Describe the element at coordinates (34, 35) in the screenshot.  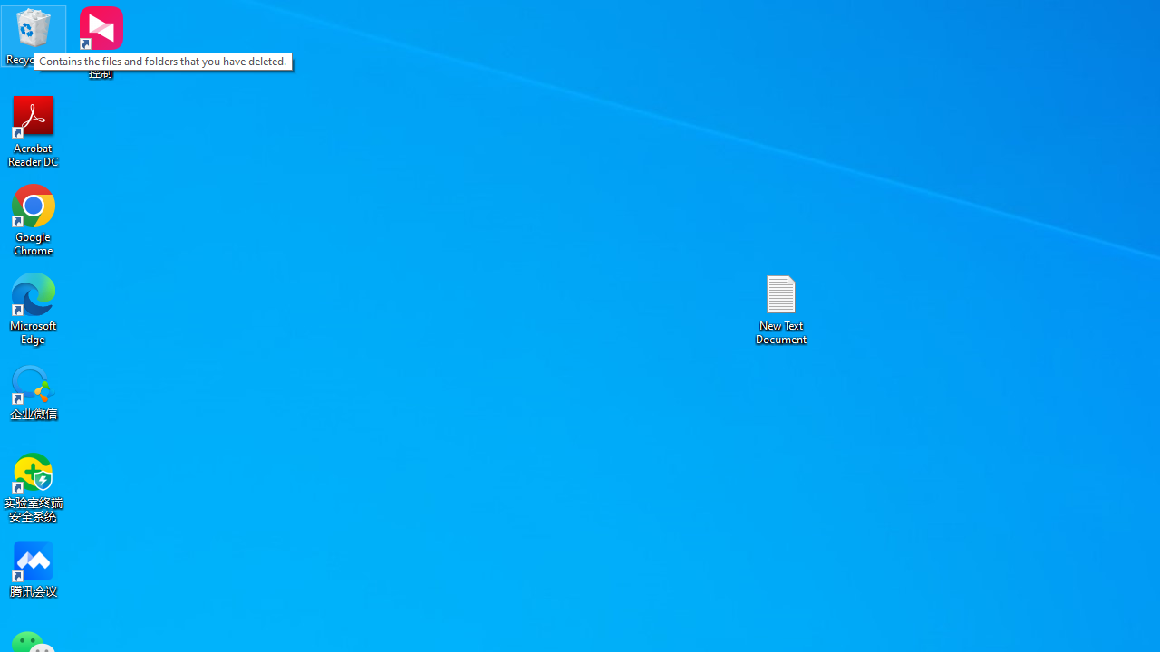
I see `'Recycle Bin'` at that location.